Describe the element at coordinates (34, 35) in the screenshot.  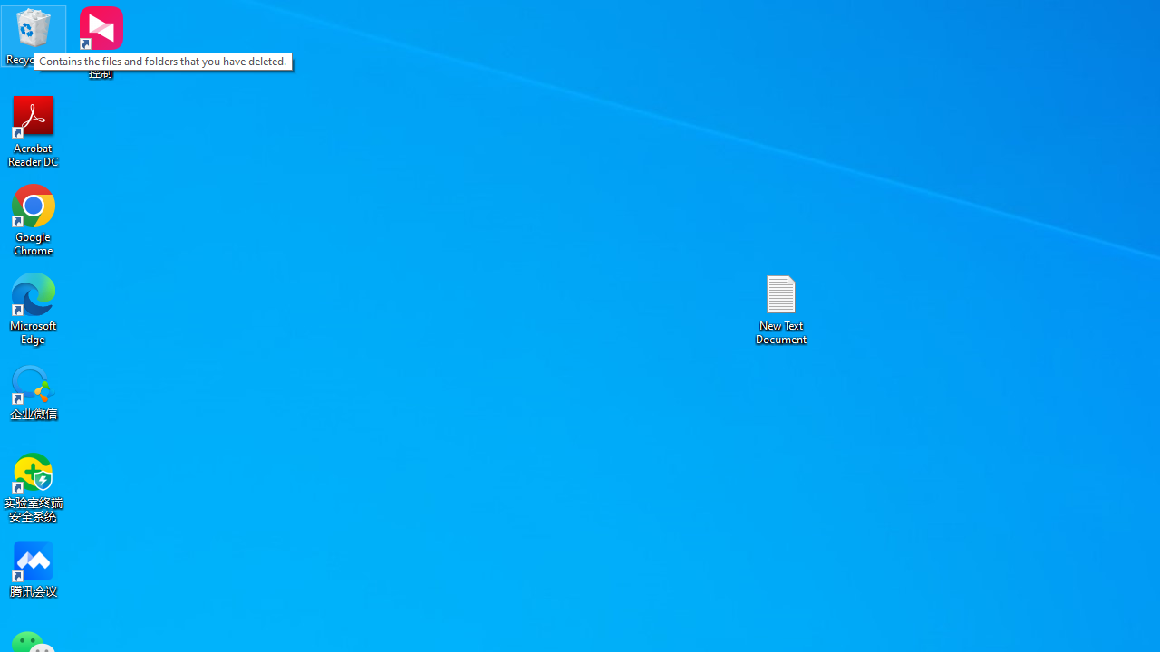
I see `'Recycle Bin'` at that location.